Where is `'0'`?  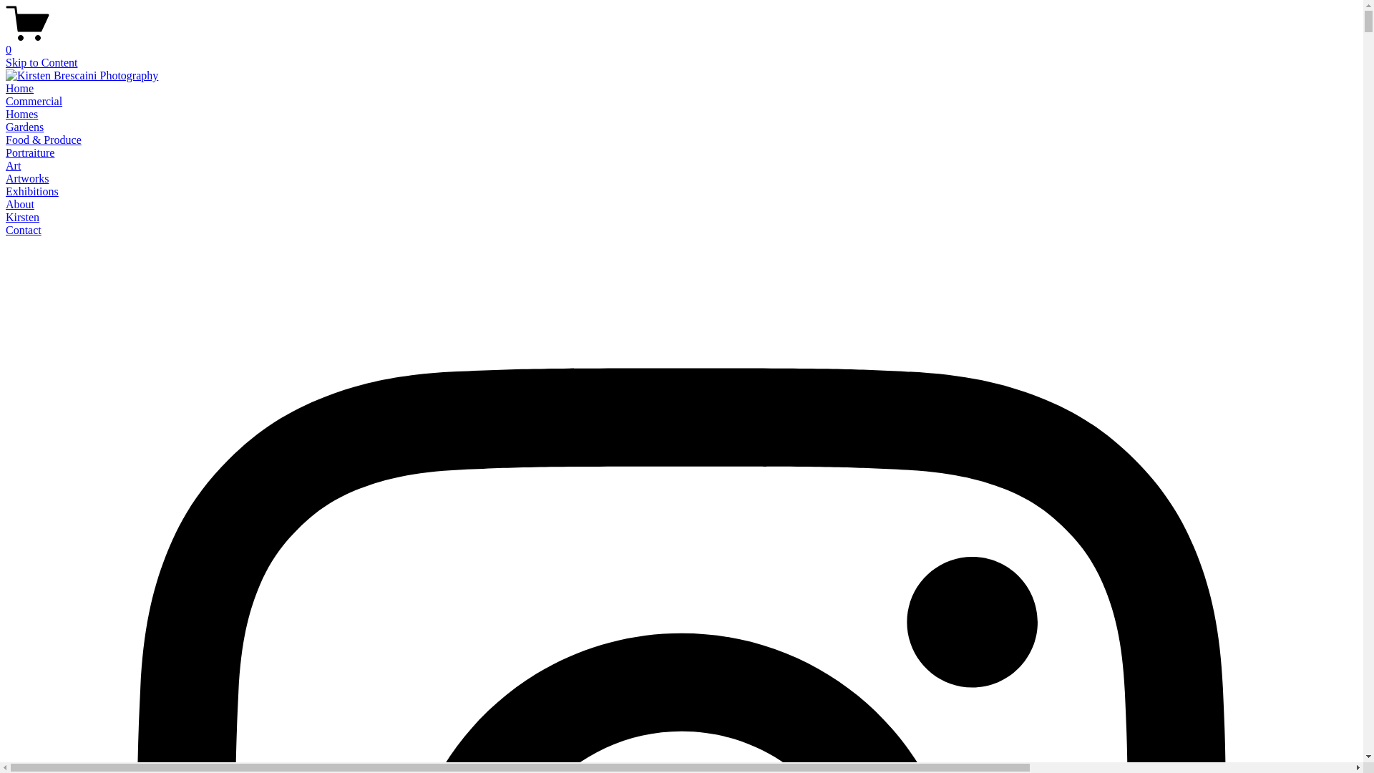 '0' is located at coordinates (681, 43).